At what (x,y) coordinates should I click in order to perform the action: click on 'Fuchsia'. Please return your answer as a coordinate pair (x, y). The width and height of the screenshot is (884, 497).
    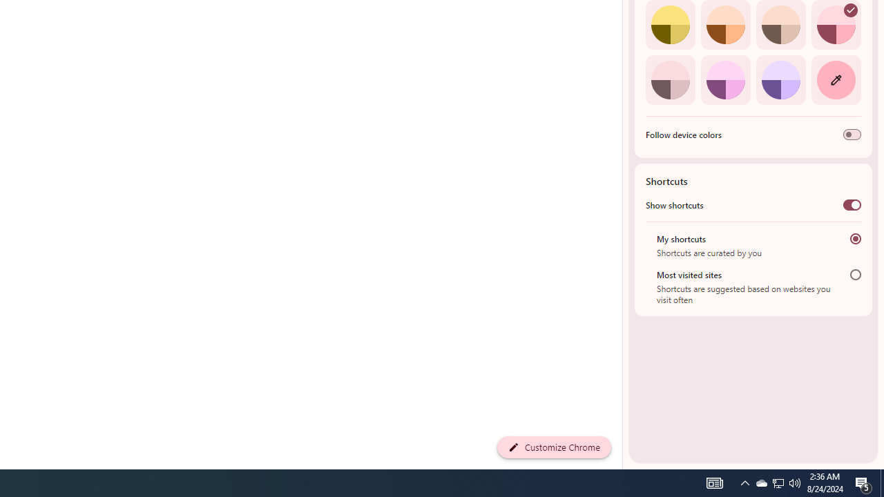
    Looking at the image, I should click on (724, 79).